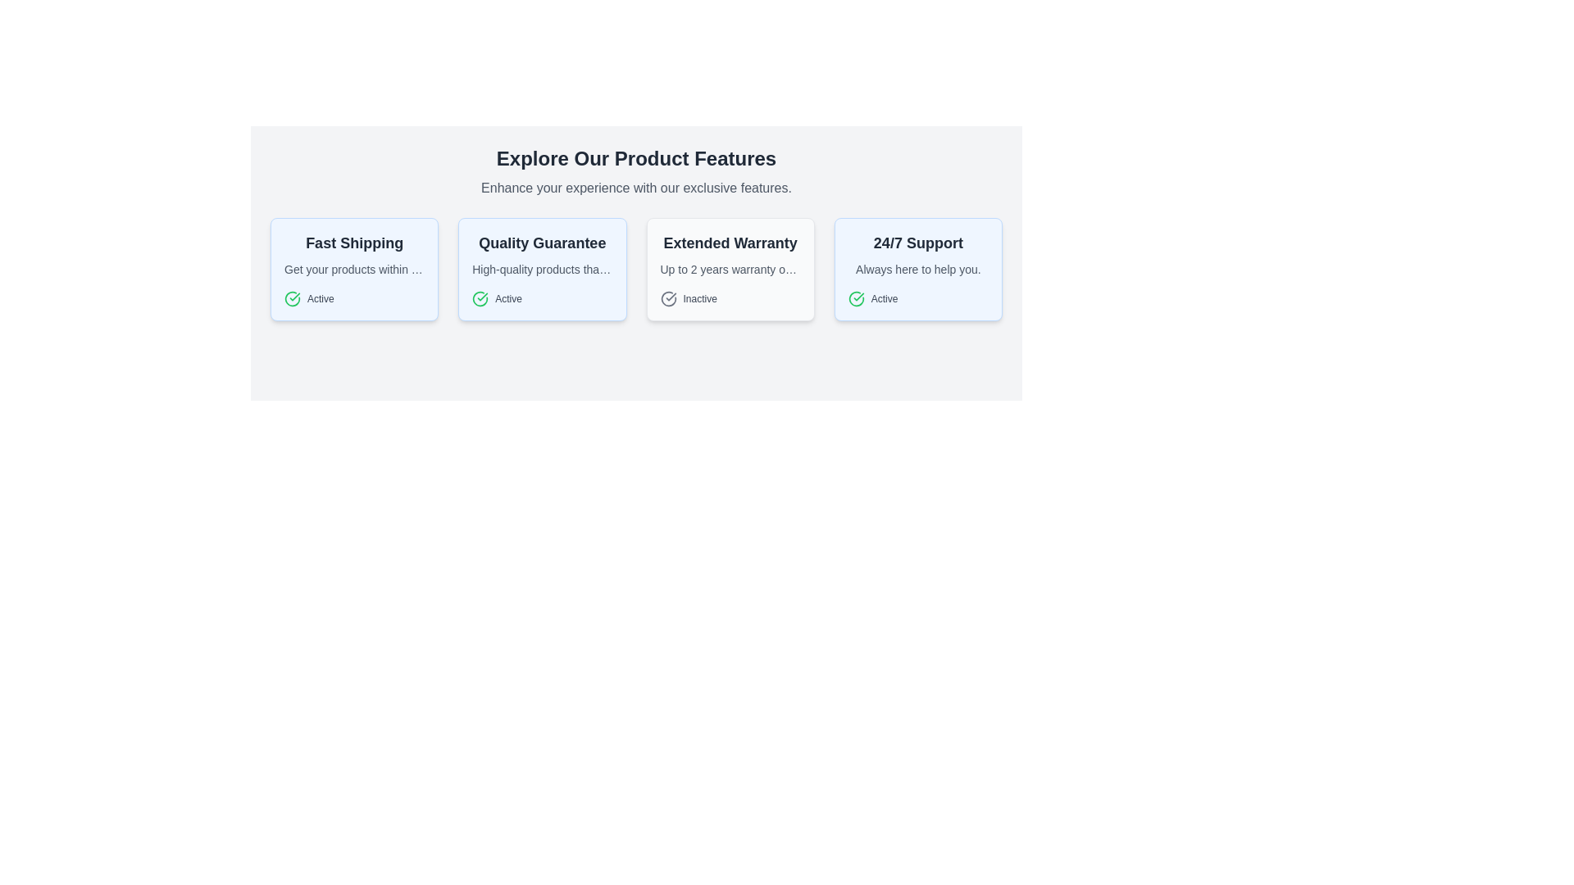 This screenshot has width=1574, height=885. What do you see at coordinates (918, 243) in the screenshot?
I see `the Text Label that identifies the '24/7 Support' feature within the blue-bordered card, which is the last card in a grid of four feature cards` at bounding box center [918, 243].